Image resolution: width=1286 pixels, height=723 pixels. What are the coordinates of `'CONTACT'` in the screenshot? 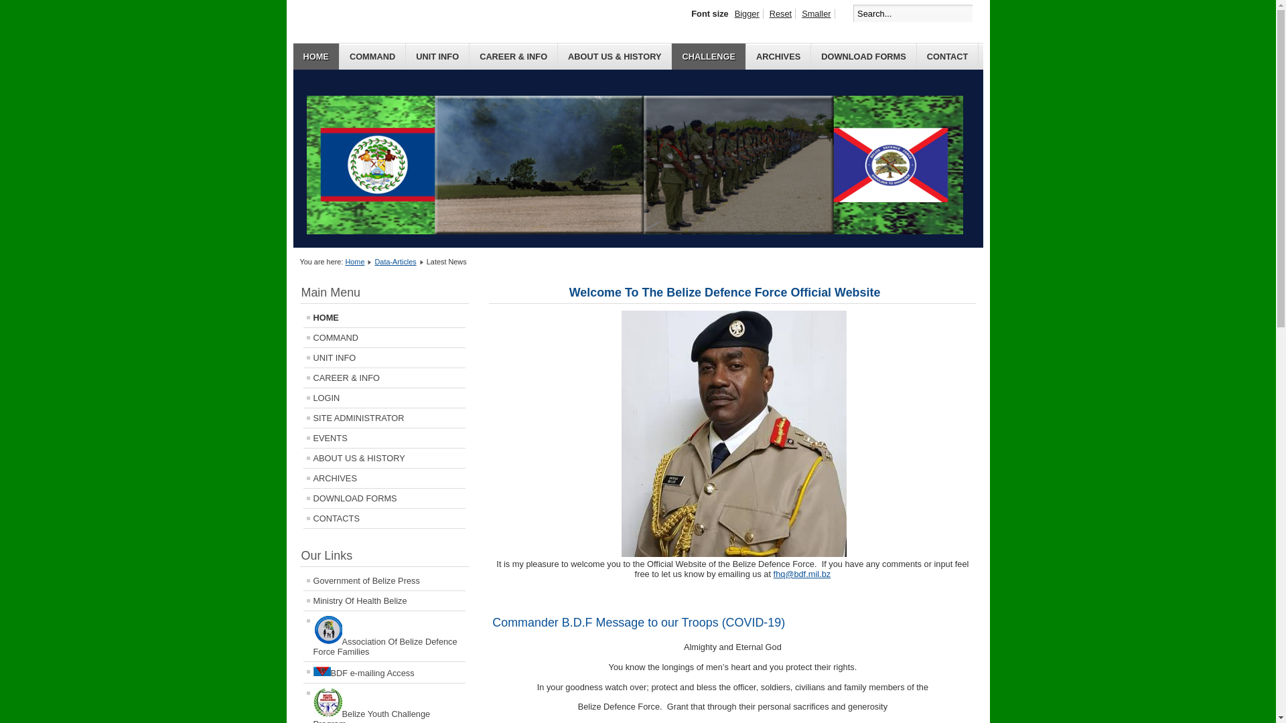 It's located at (947, 56).